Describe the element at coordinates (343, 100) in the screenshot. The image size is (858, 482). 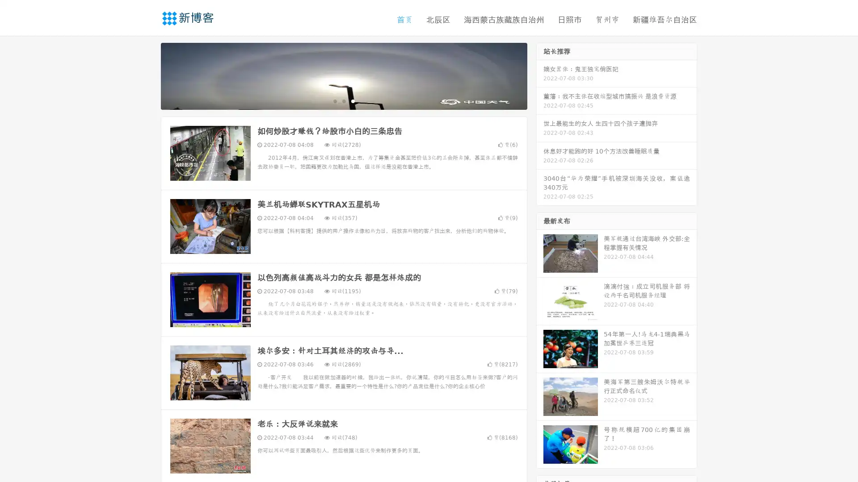
I see `Go to slide 2` at that location.